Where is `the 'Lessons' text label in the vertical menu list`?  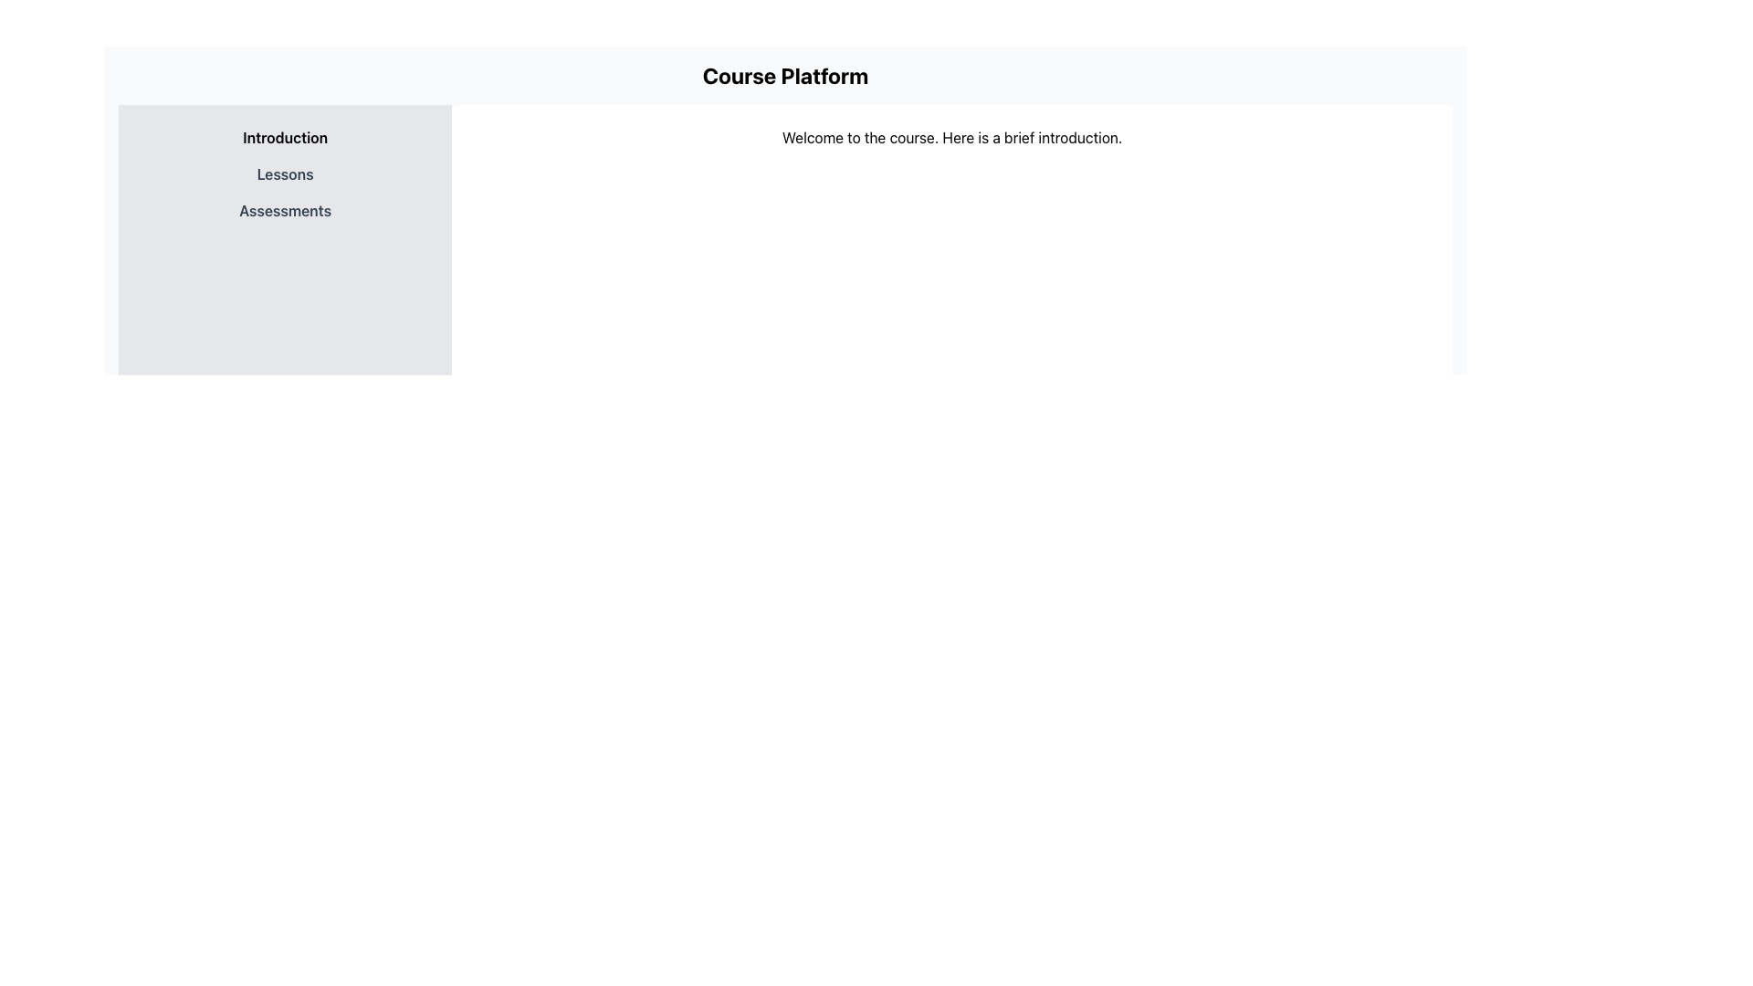
the 'Lessons' text label in the vertical menu list is located at coordinates (284, 174).